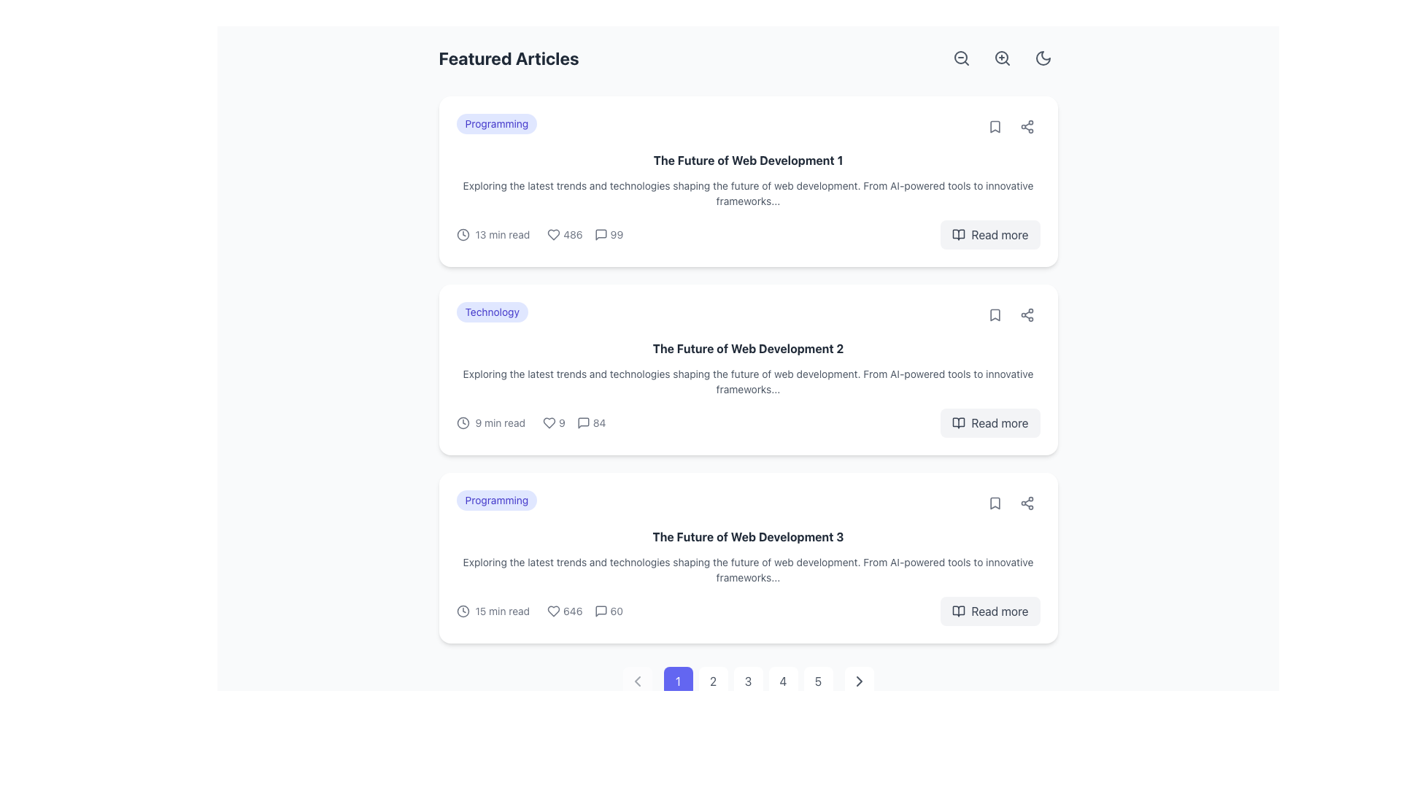 This screenshot has width=1401, height=788. Describe the element at coordinates (492, 312) in the screenshot. I see `the 'Technology' category label located in the upper section of the second article card, positioned to the left of the article title 'The Future of Web Development 2'` at that location.